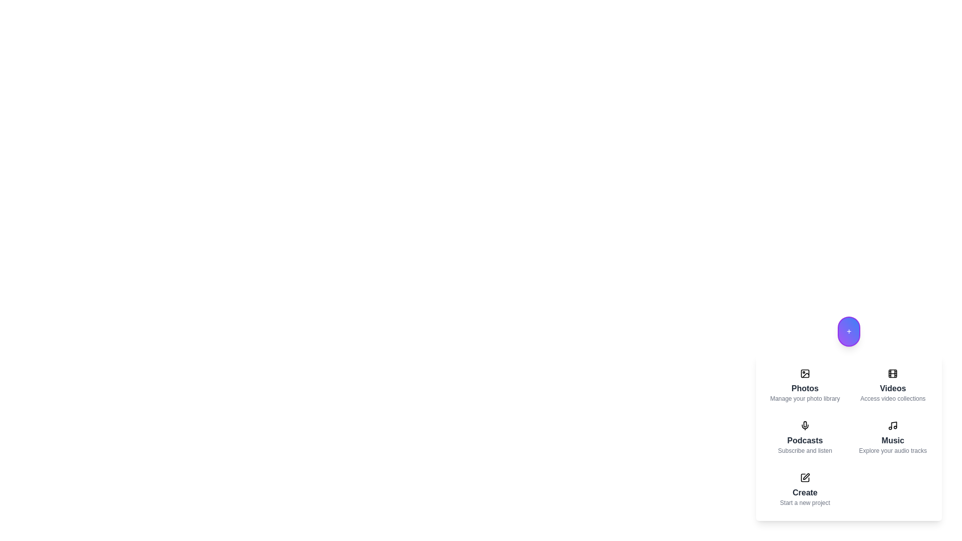  What do you see at coordinates (805, 437) in the screenshot?
I see `the menu item corresponding to Podcasts` at bounding box center [805, 437].